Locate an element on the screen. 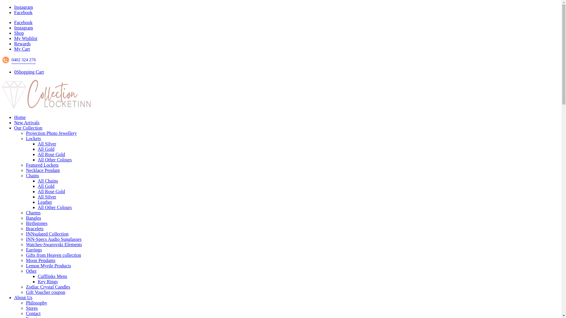  'About Us' is located at coordinates (23, 297).